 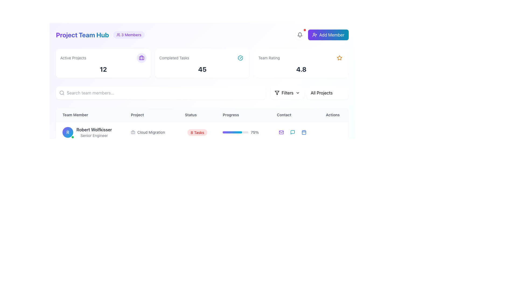 What do you see at coordinates (240, 58) in the screenshot?
I see `the circular cyan icon with a checkmark located in the top right corner of the 'Completed Tasks' card` at bounding box center [240, 58].